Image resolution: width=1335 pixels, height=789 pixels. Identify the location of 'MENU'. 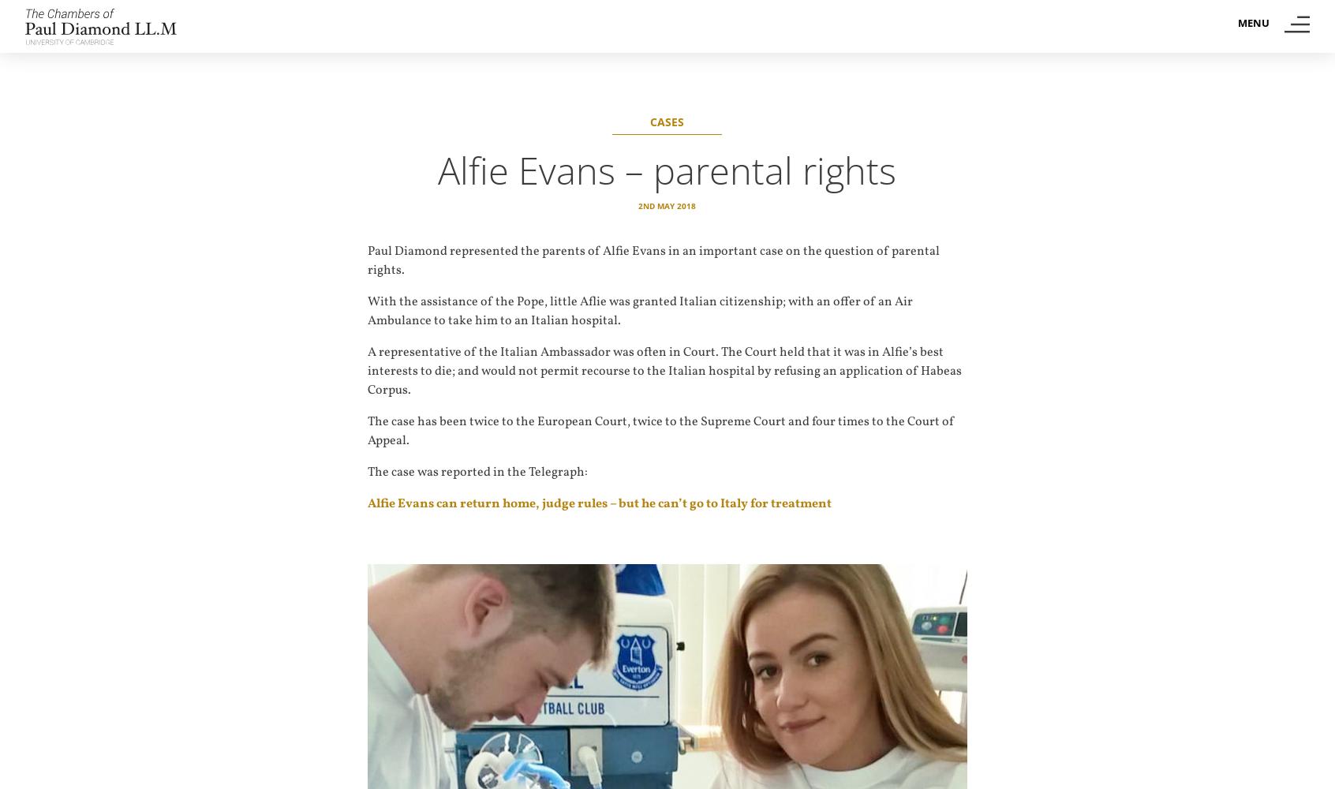
(1252, 23).